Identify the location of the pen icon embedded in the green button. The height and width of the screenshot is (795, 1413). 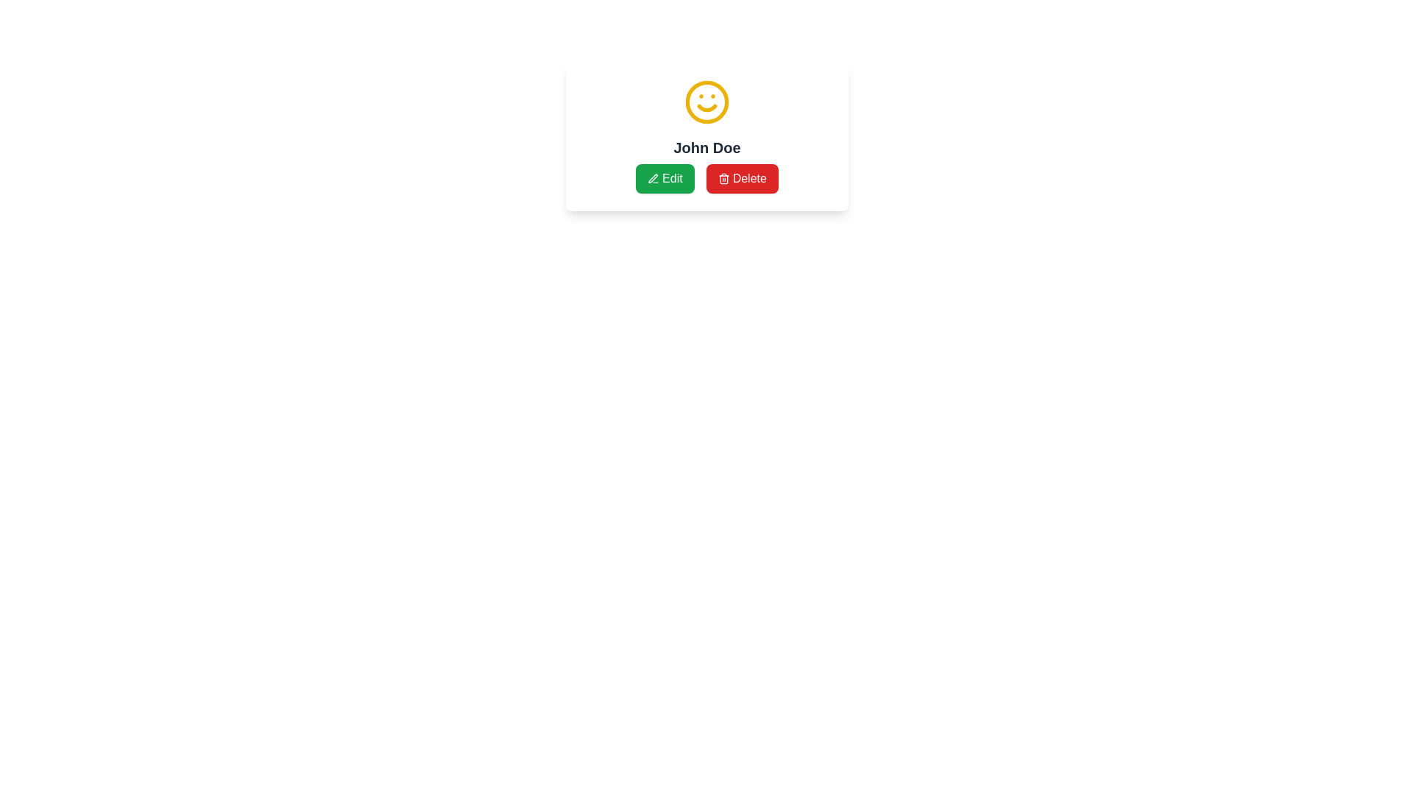
(653, 178).